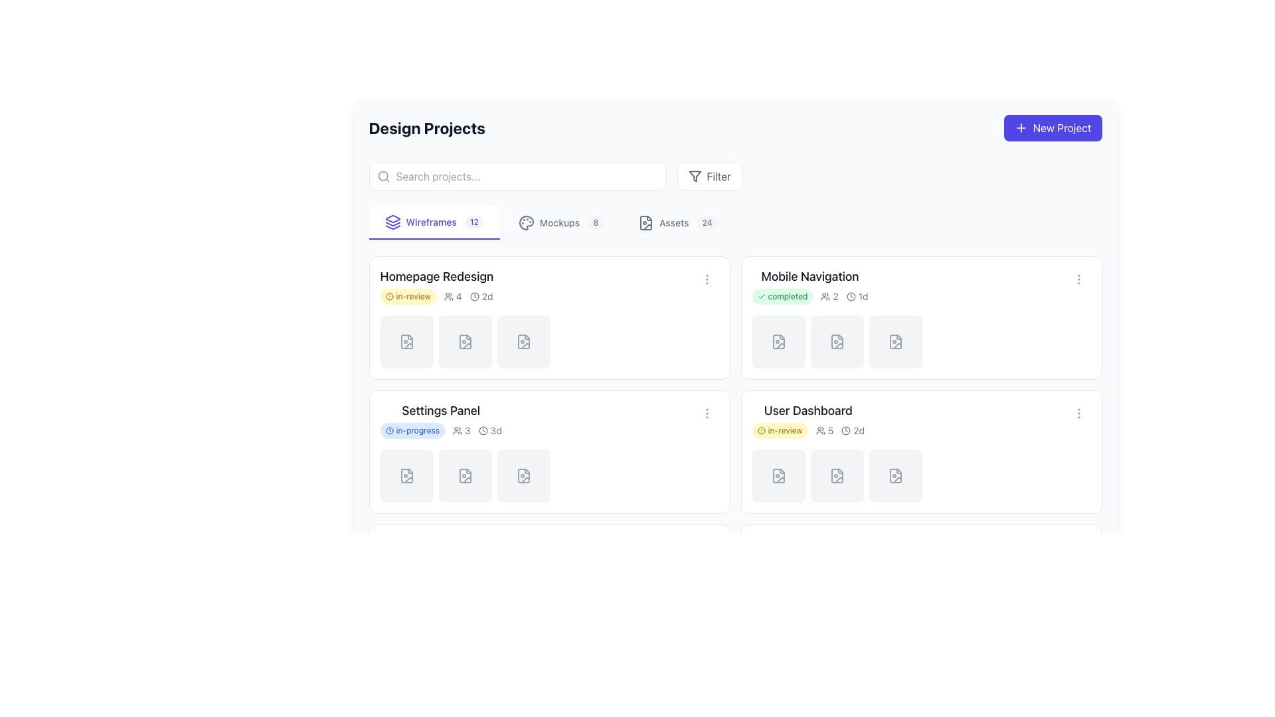 The width and height of the screenshot is (1275, 717). Describe the element at coordinates (851, 296) in the screenshot. I see `the time icon located to the left of the text '1d' at the bottom-right area of the 'Mobile Navigation' card` at that location.